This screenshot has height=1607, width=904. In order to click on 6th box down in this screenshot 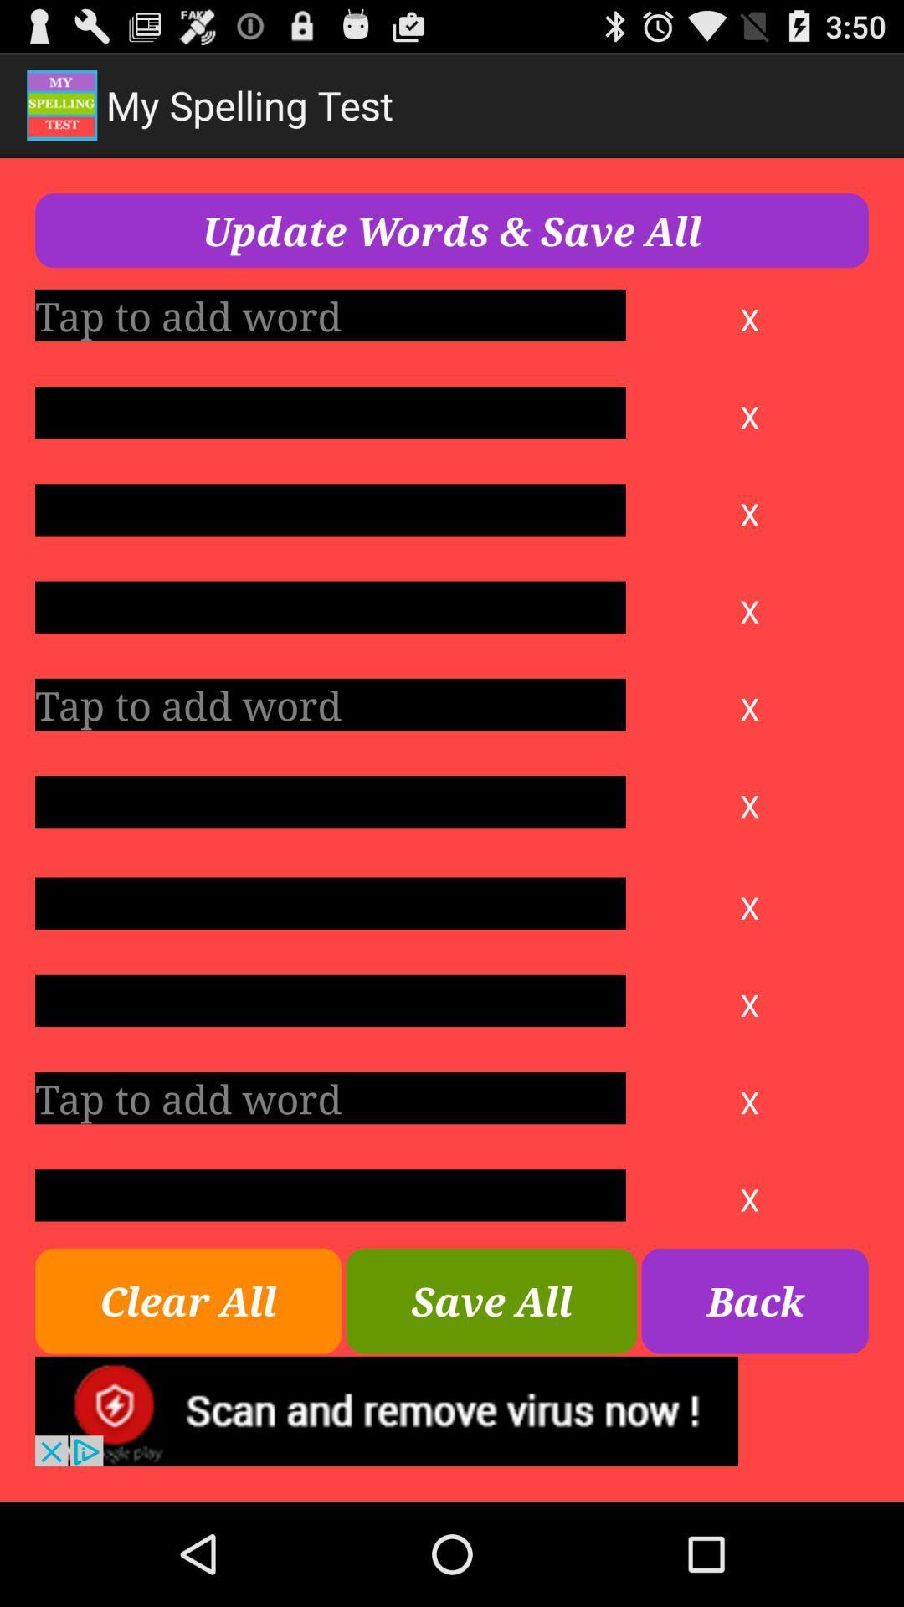, I will do `click(330, 801)`.